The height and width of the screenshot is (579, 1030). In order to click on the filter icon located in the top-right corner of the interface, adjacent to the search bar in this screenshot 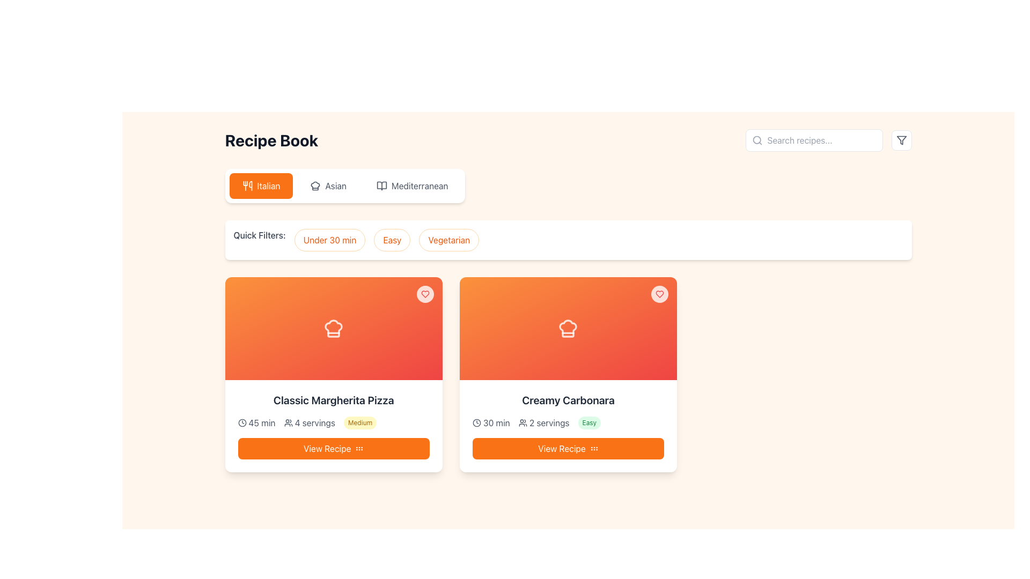, I will do `click(901, 140)`.